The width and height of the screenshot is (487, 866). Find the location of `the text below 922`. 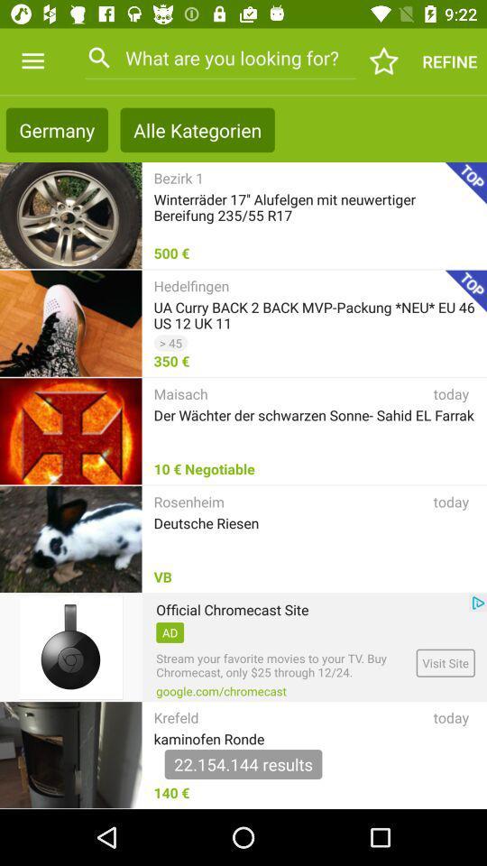

the text below 922 is located at coordinates (449, 61).